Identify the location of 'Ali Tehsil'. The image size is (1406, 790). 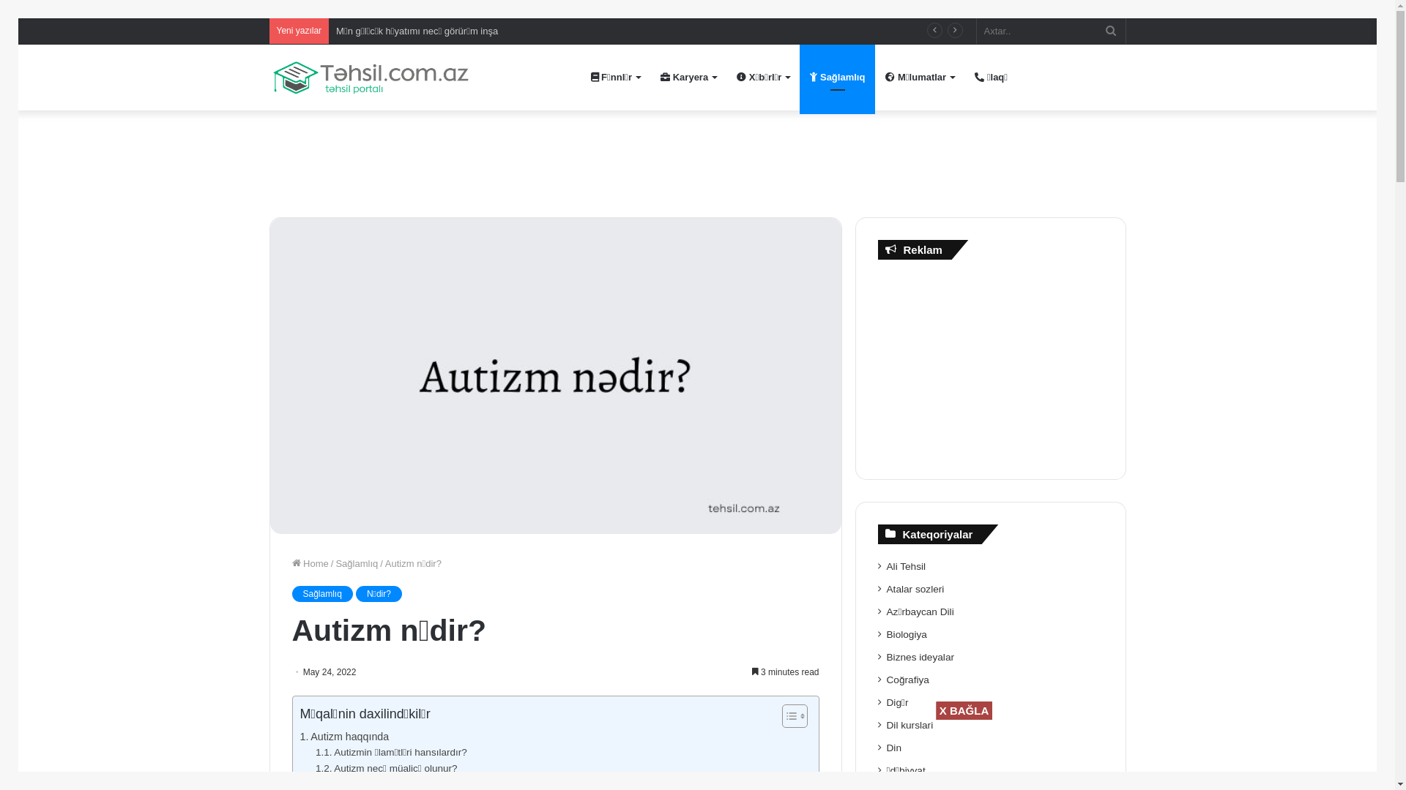
(906, 565).